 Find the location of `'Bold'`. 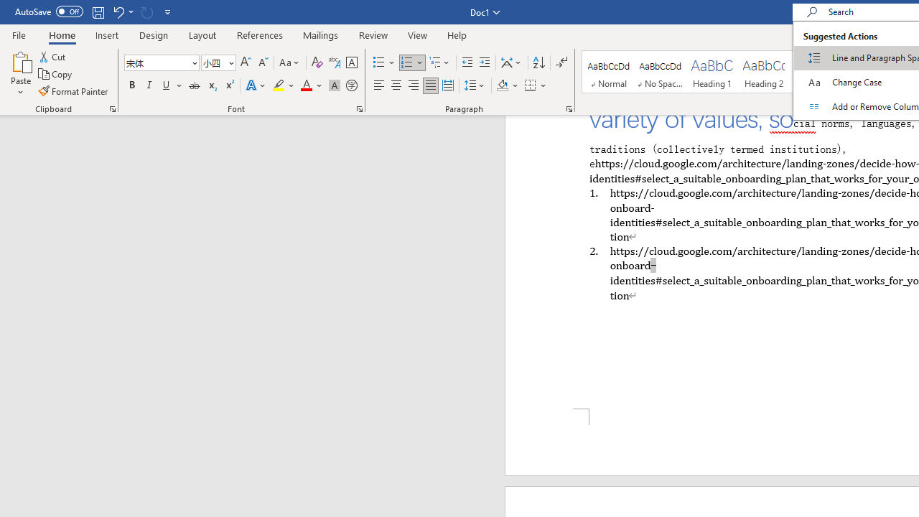

'Bold' is located at coordinates (131, 85).